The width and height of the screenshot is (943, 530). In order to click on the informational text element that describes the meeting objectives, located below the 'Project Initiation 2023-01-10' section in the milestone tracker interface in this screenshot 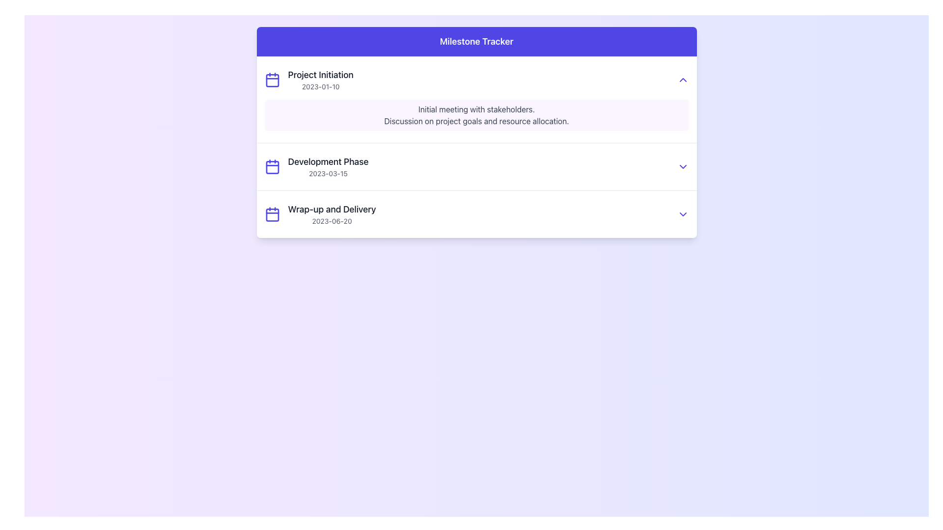, I will do `click(476, 115)`.